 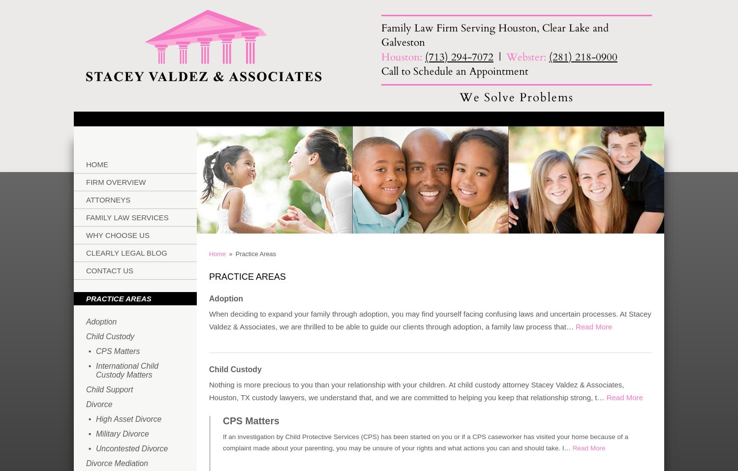 What do you see at coordinates (98, 404) in the screenshot?
I see `'Divorce'` at bounding box center [98, 404].